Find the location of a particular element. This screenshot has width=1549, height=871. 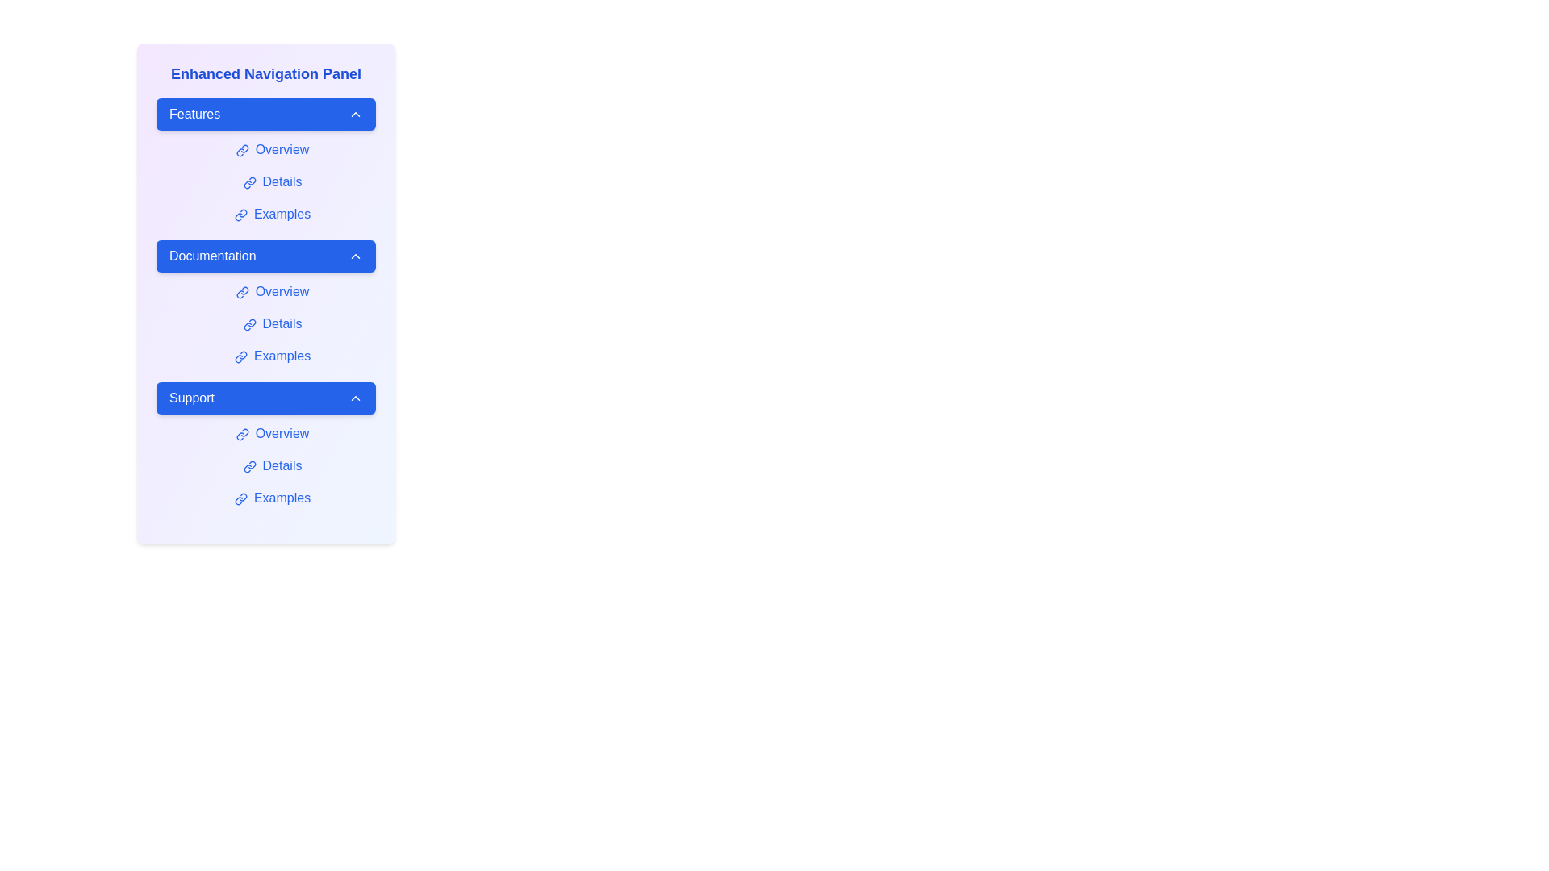

the 'Features' text label within the button is located at coordinates (194, 114).